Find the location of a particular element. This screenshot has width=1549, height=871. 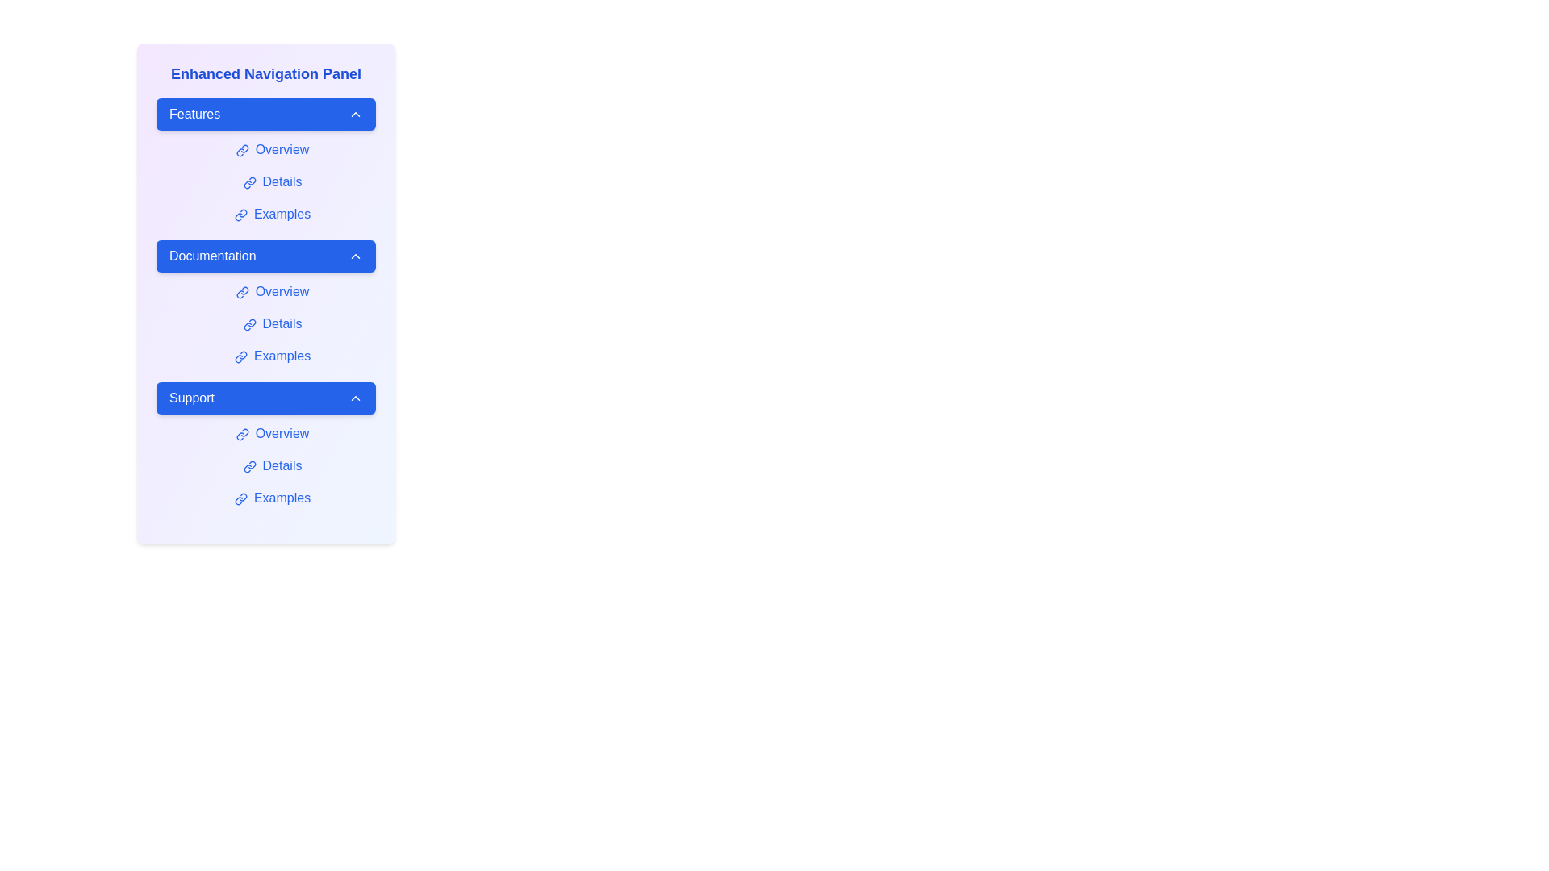

the 'Features' text label within the button is located at coordinates (194, 114).